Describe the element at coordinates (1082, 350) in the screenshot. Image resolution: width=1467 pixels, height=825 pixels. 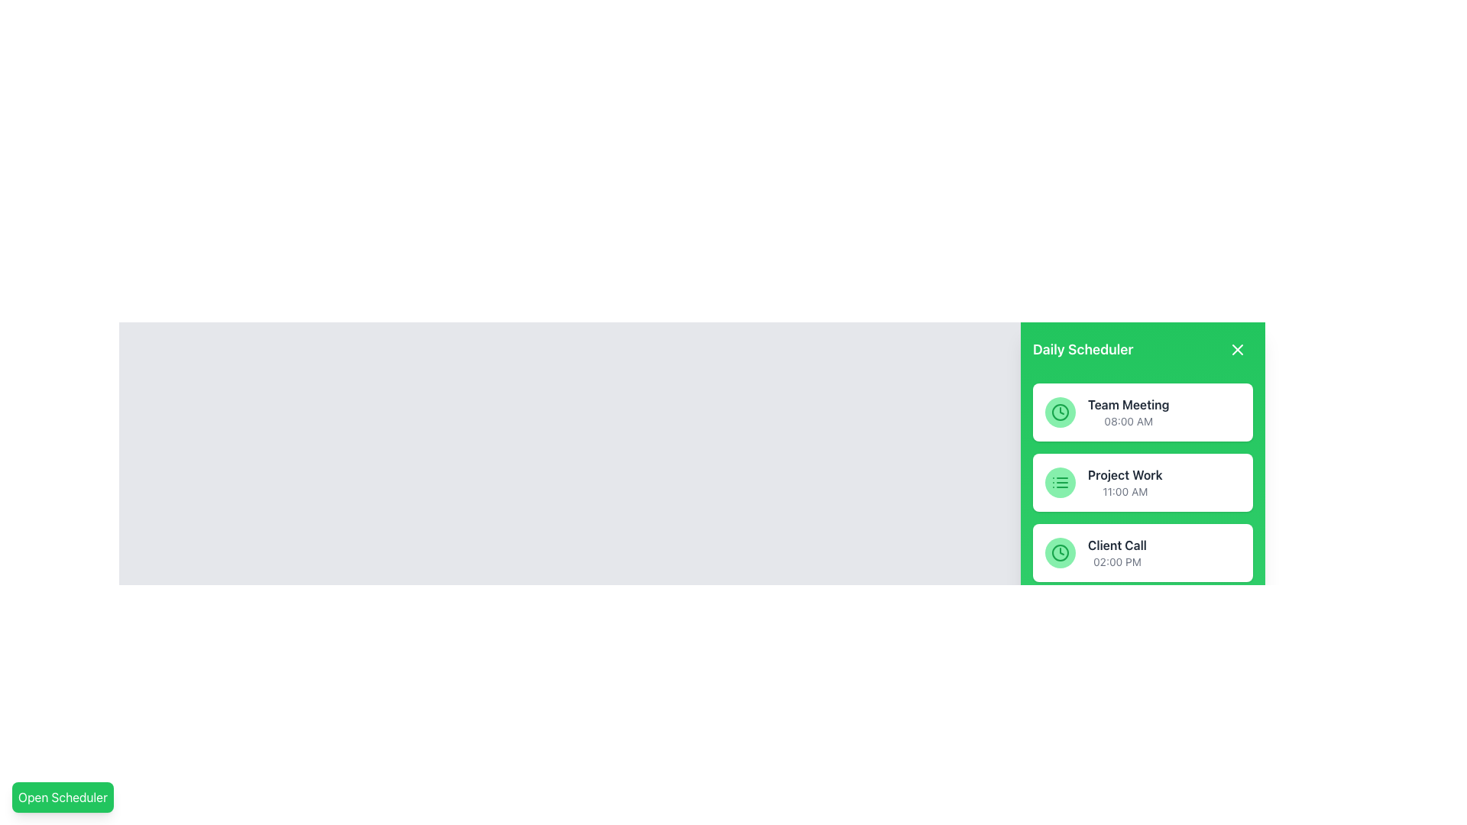
I see `the text label serving as a title or identifier for the scheduling tasks section, located in the top-left part of the green header section of the sidebar panel` at that location.